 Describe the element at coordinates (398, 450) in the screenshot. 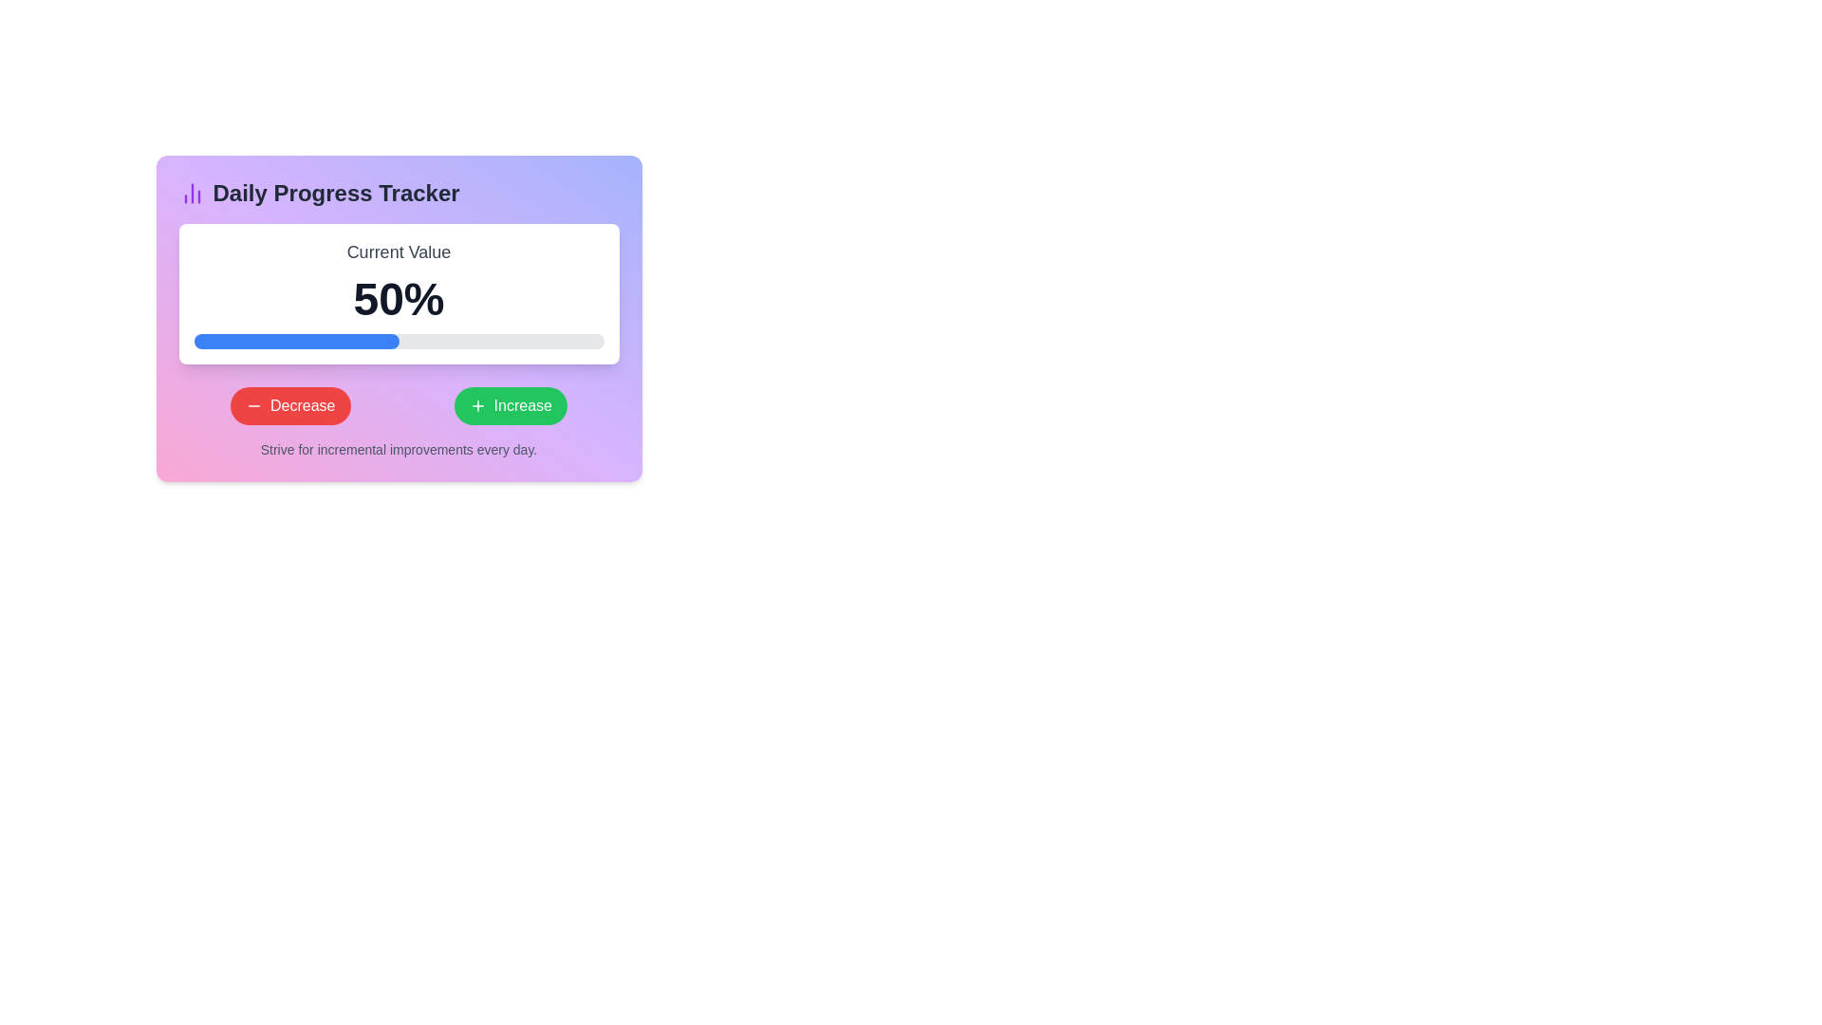

I see `the text label at the bottom of the card that reads 'Strive for incremental improvements every day.'` at that location.